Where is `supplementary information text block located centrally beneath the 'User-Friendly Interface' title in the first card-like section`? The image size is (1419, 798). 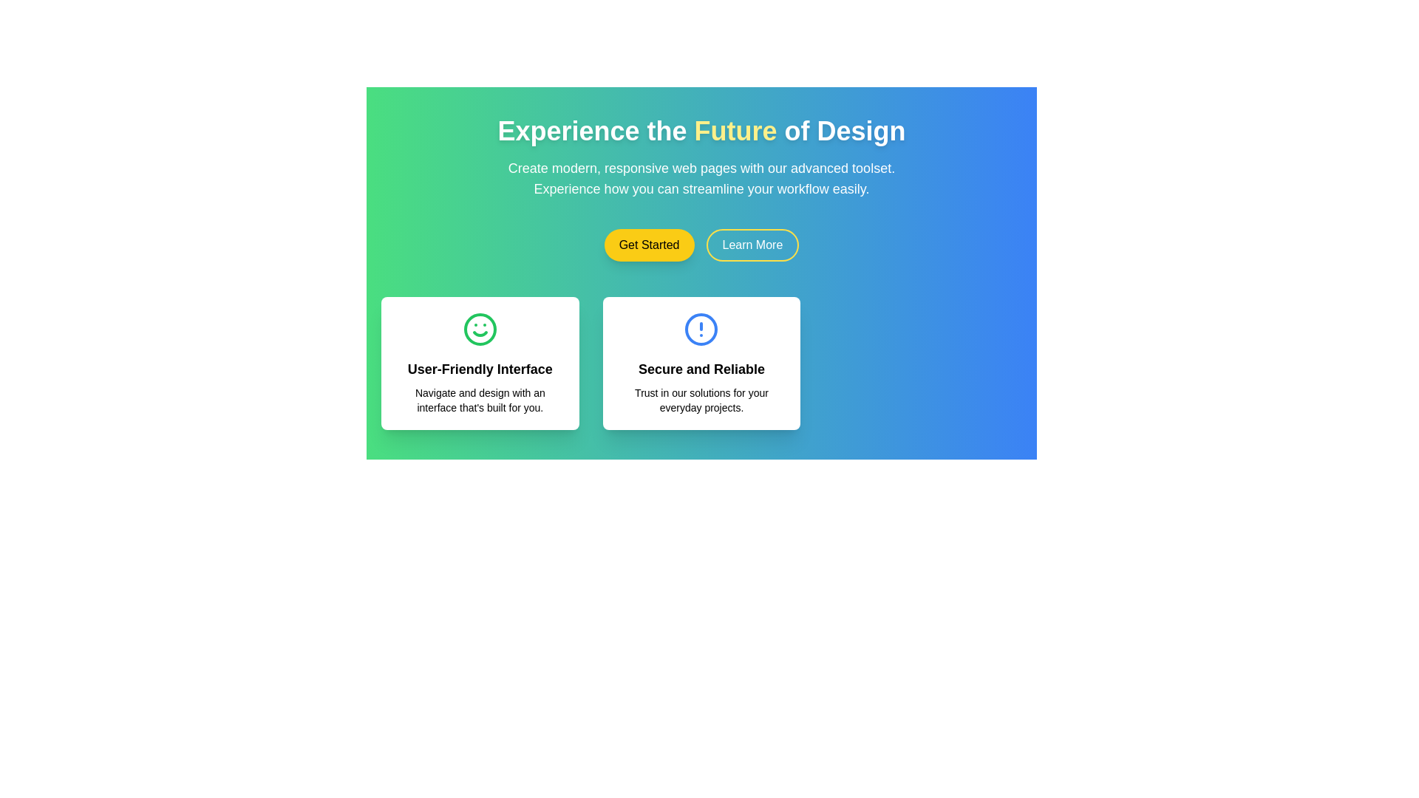 supplementary information text block located centrally beneath the 'User-Friendly Interface' title in the first card-like section is located at coordinates (480, 400).